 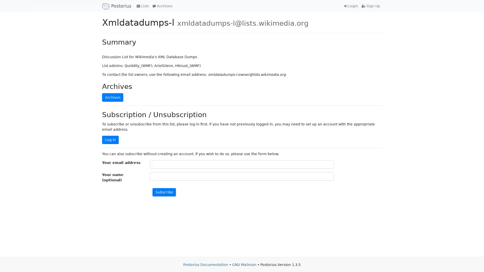 What do you see at coordinates (164, 192) in the screenshot?
I see `Subscribe` at bounding box center [164, 192].